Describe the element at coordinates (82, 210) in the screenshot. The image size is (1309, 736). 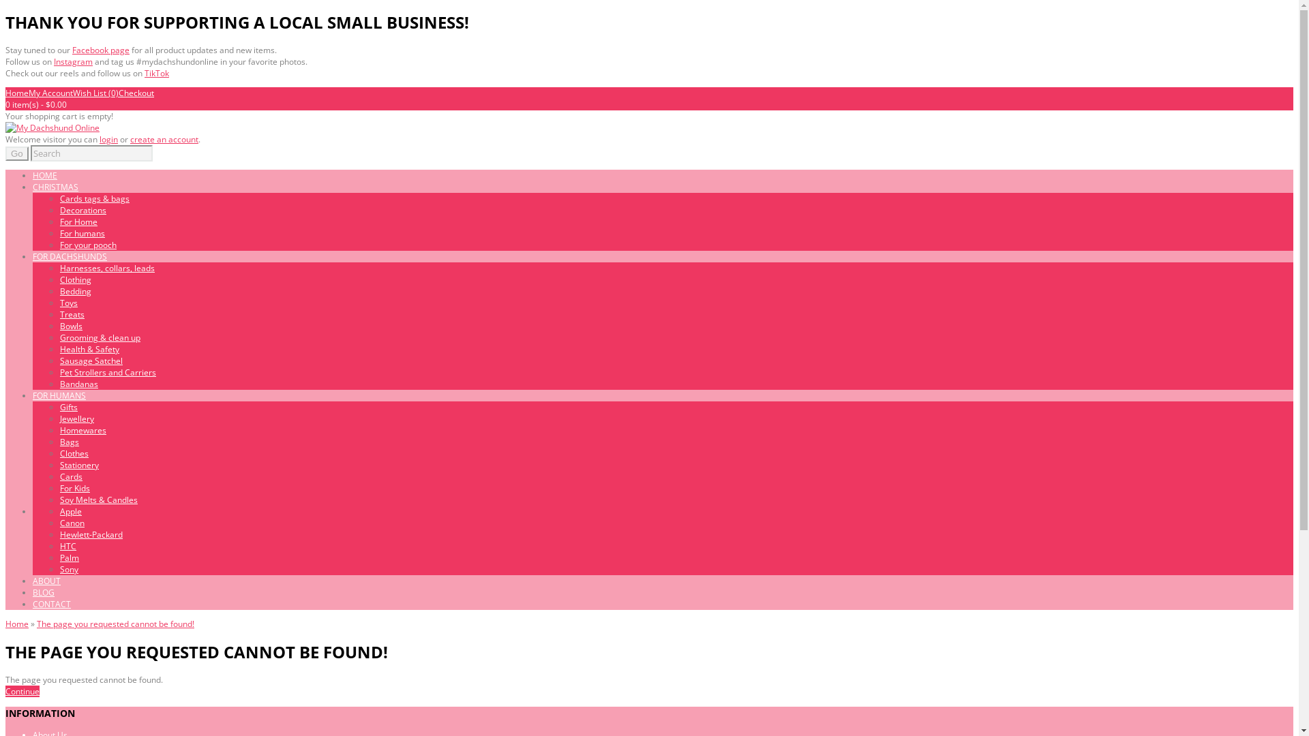
I see `'Decorations'` at that location.